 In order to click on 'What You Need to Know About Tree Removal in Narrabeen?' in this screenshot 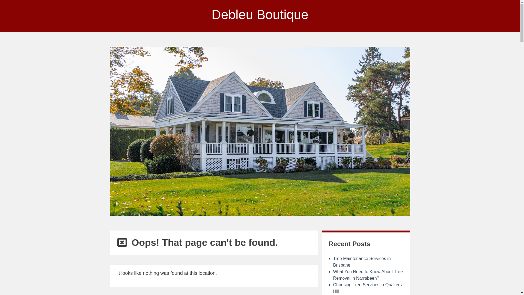, I will do `click(368, 275)`.